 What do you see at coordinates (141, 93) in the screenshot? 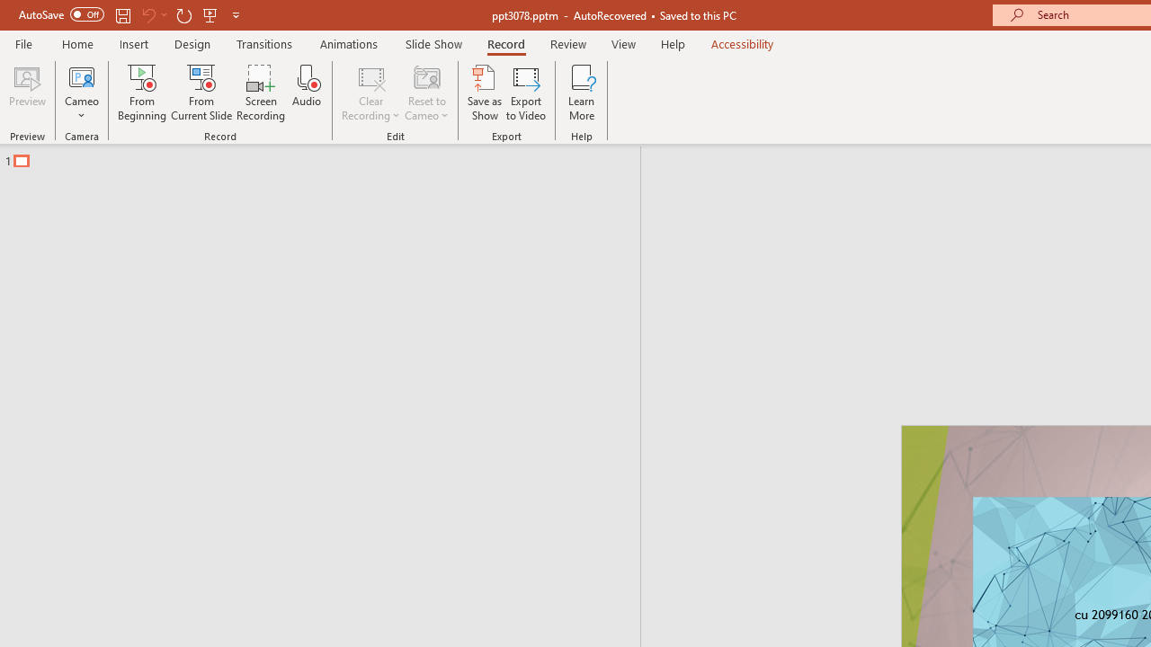
I see `'From Beginning...'` at bounding box center [141, 93].